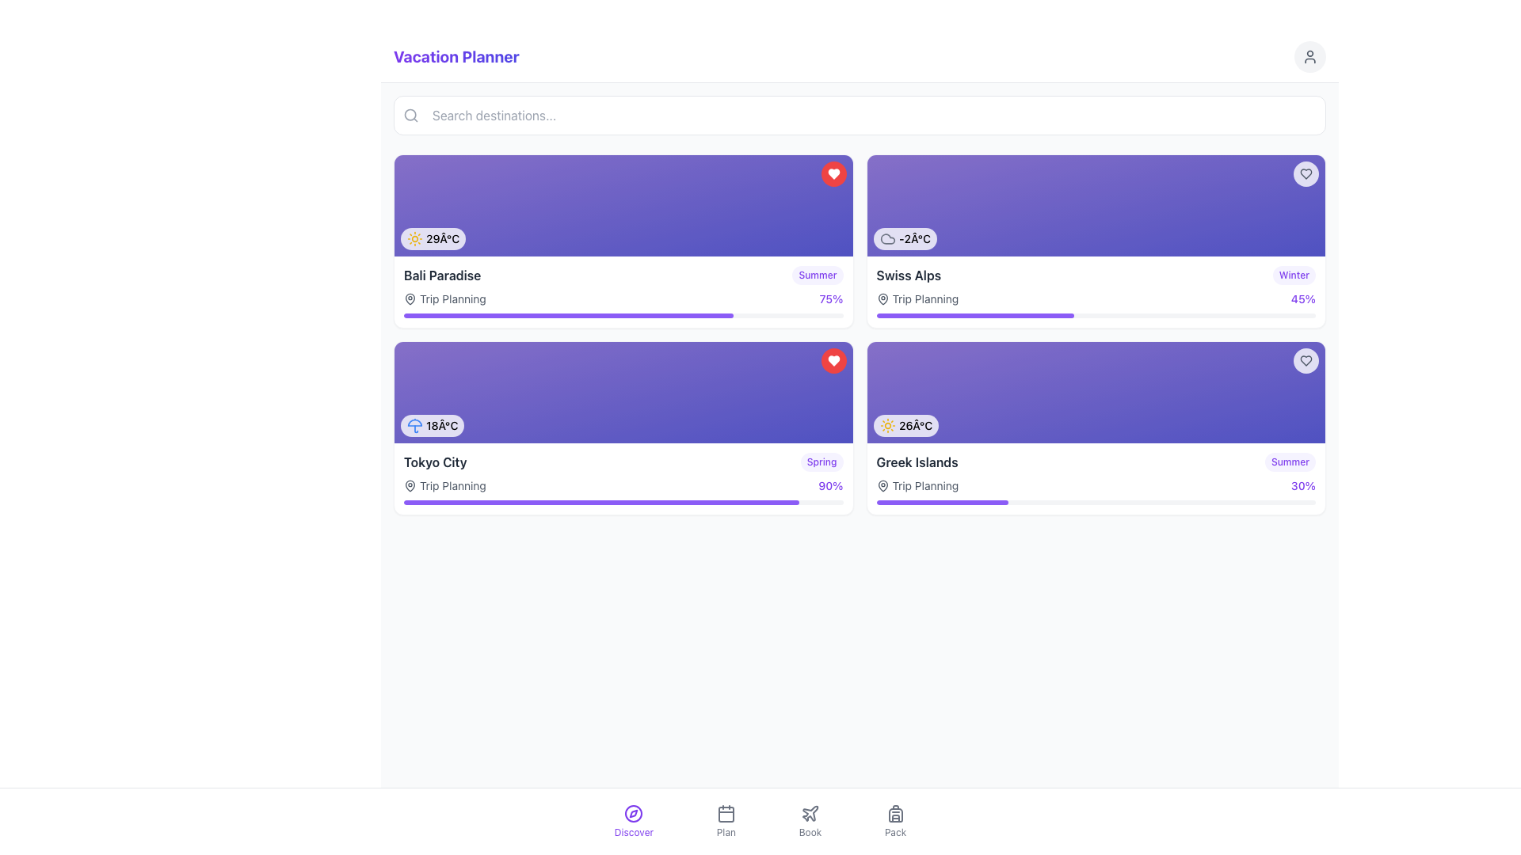  What do you see at coordinates (917, 484) in the screenshot?
I see `the text label indicating the current state or category of planning associated with the 'Greek Islands' destination card, located in the bottom-right quadrant of the card layout` at bounding box center [917, 484].